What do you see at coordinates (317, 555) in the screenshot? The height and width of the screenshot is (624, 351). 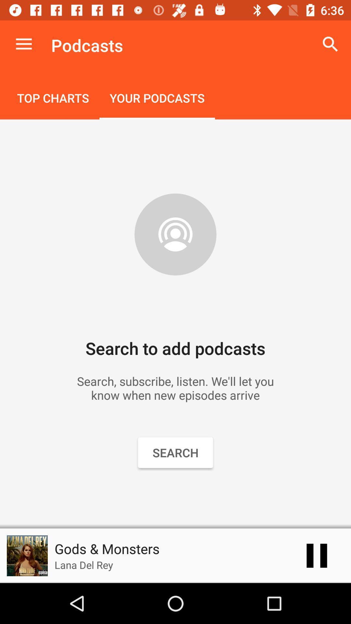 I see `the pause icon` at bounding box center [317, 555].